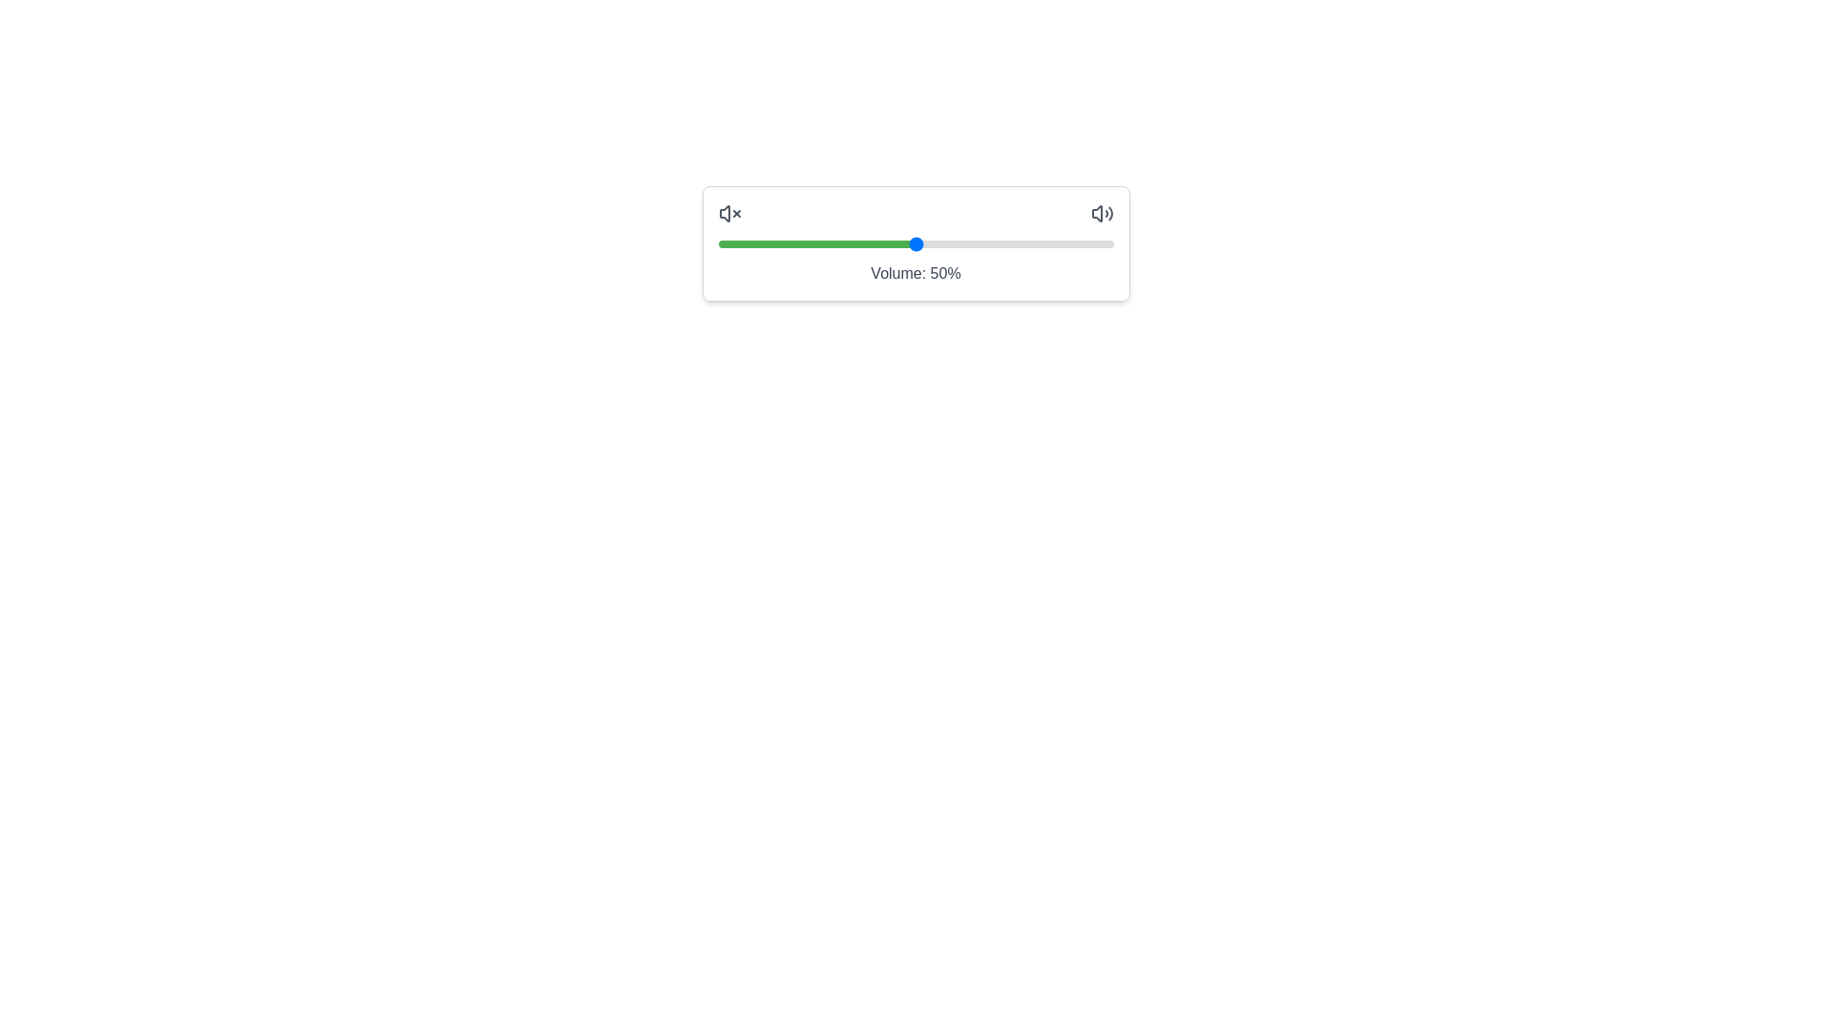  Describe the element at coordinates (1096, 213) in the screenshot. I see `the decorative speaker part icon located in the top-right corner of the volume control interface, which is the leftmost part of the speaker icon group` at that location.